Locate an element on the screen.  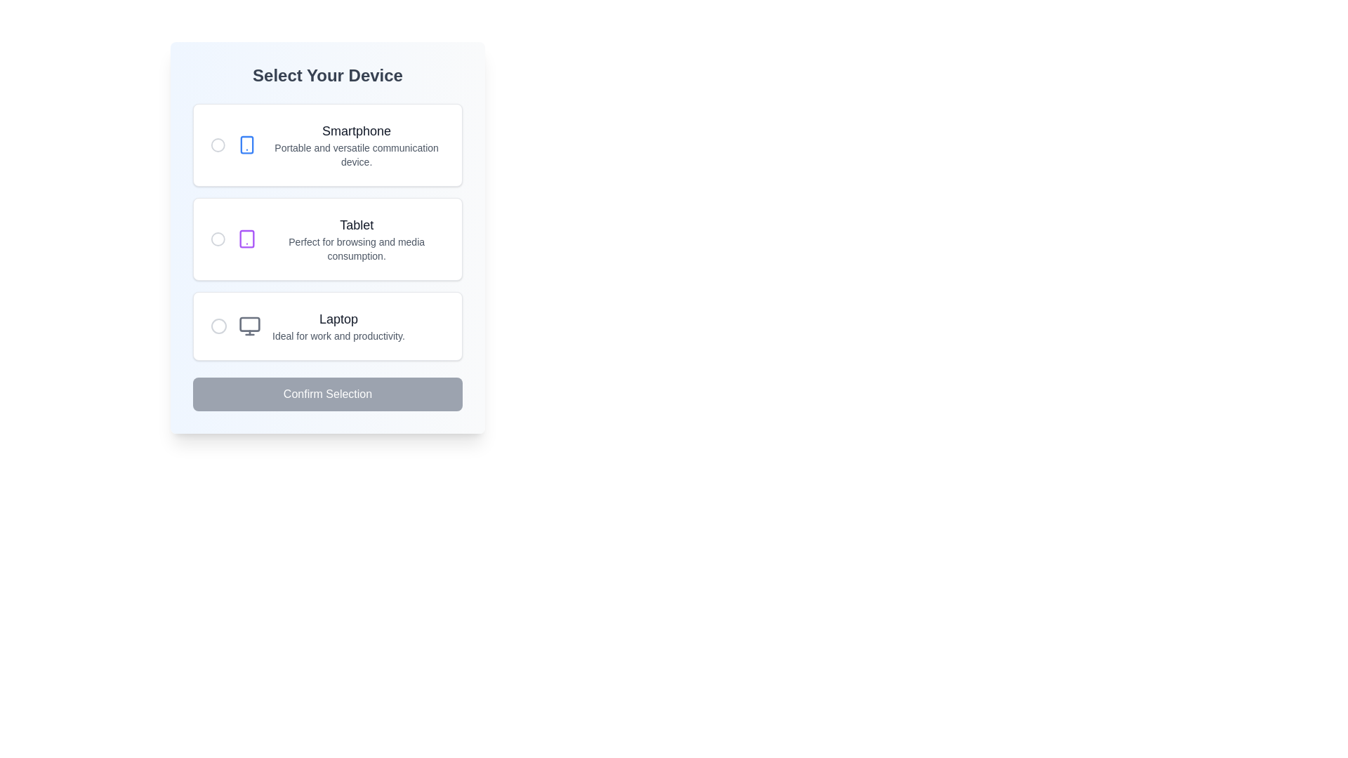
the circular button styled icon with a thin gray border on the left side of the 'Tablet' selection segment is located at coordinates (217, 238).